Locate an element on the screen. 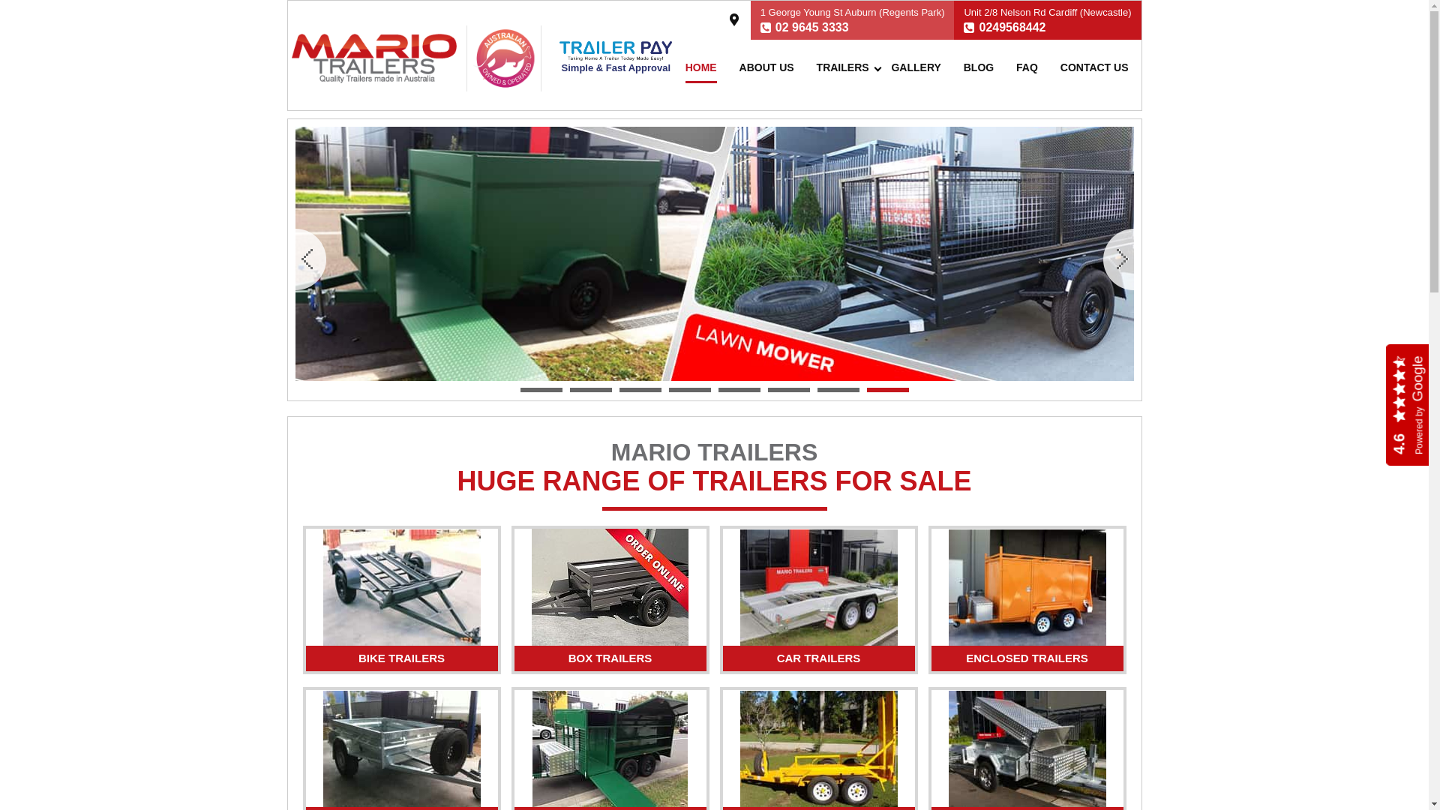  'BLOG' is located at coordinates (979, 66).